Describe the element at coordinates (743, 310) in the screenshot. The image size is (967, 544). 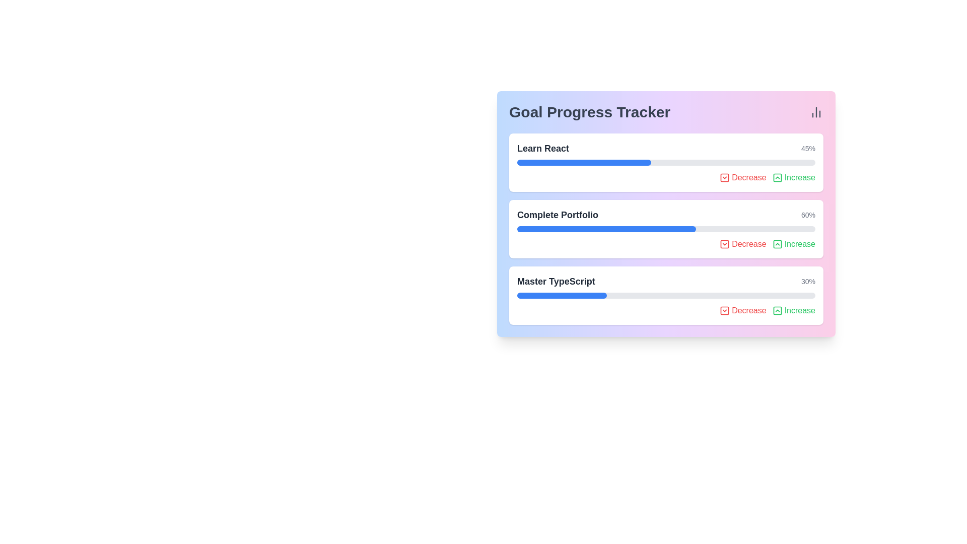
I see `the 'Decrease' button` at that location.